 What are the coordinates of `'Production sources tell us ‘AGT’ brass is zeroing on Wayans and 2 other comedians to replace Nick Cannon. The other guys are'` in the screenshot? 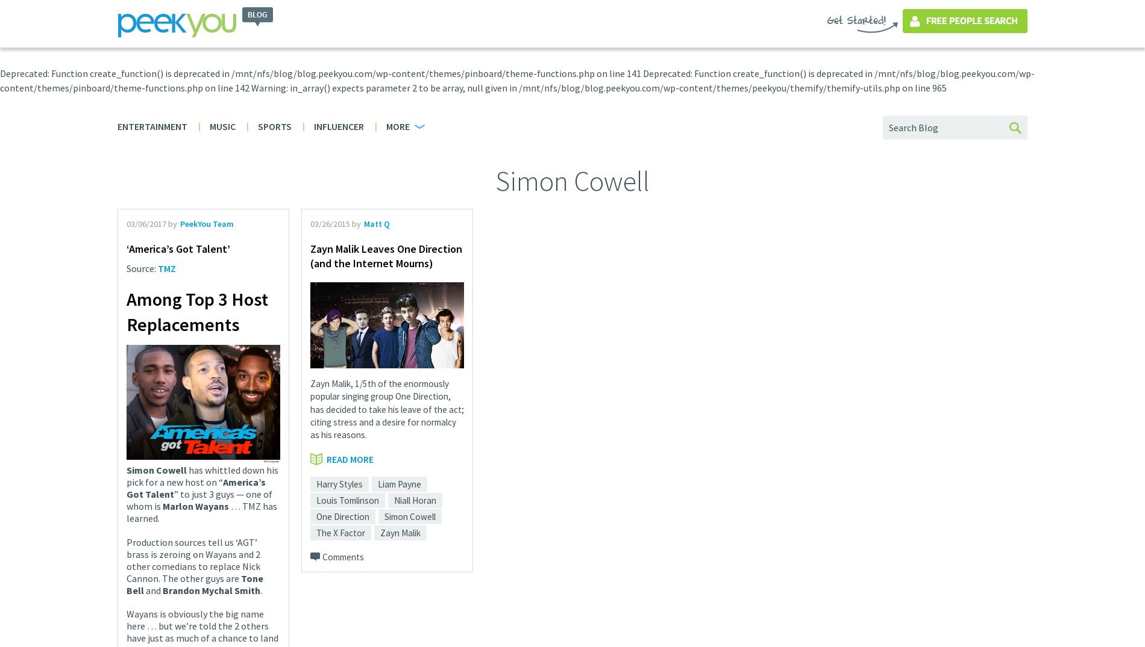 It's located at (192, 559).